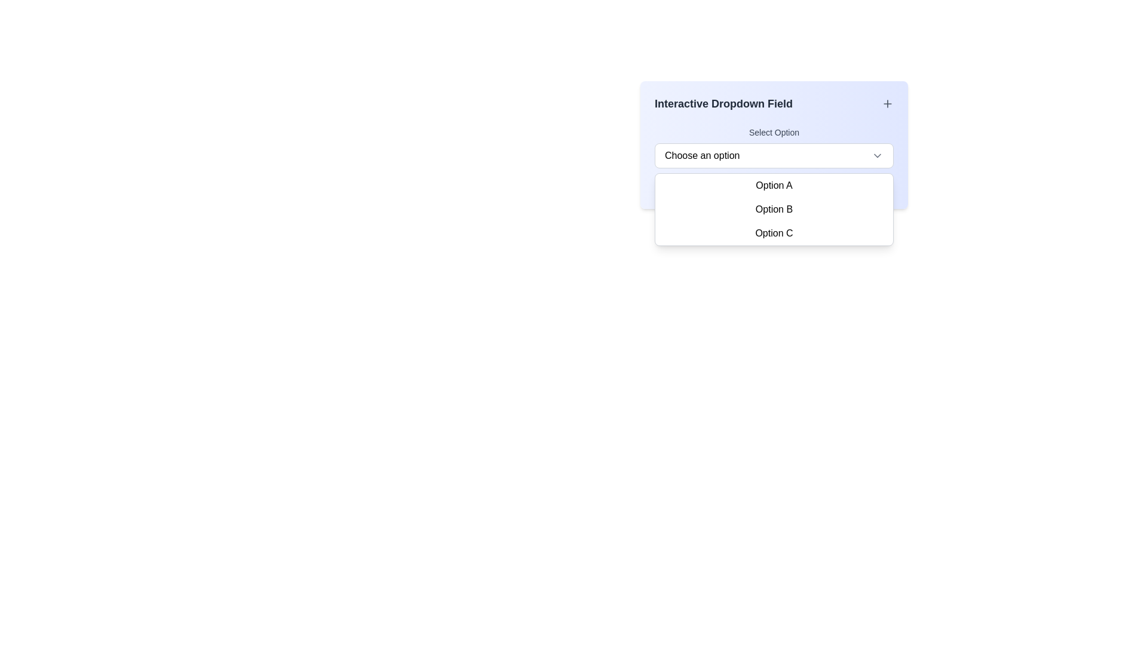 The height and width of the screenshot is (645, 1147). What do you see at coordinates (723, 103) in the screenshot?
I see `the text label that indicates the purpose of the dropdown menu for copying` at bounding box center [723, 103].